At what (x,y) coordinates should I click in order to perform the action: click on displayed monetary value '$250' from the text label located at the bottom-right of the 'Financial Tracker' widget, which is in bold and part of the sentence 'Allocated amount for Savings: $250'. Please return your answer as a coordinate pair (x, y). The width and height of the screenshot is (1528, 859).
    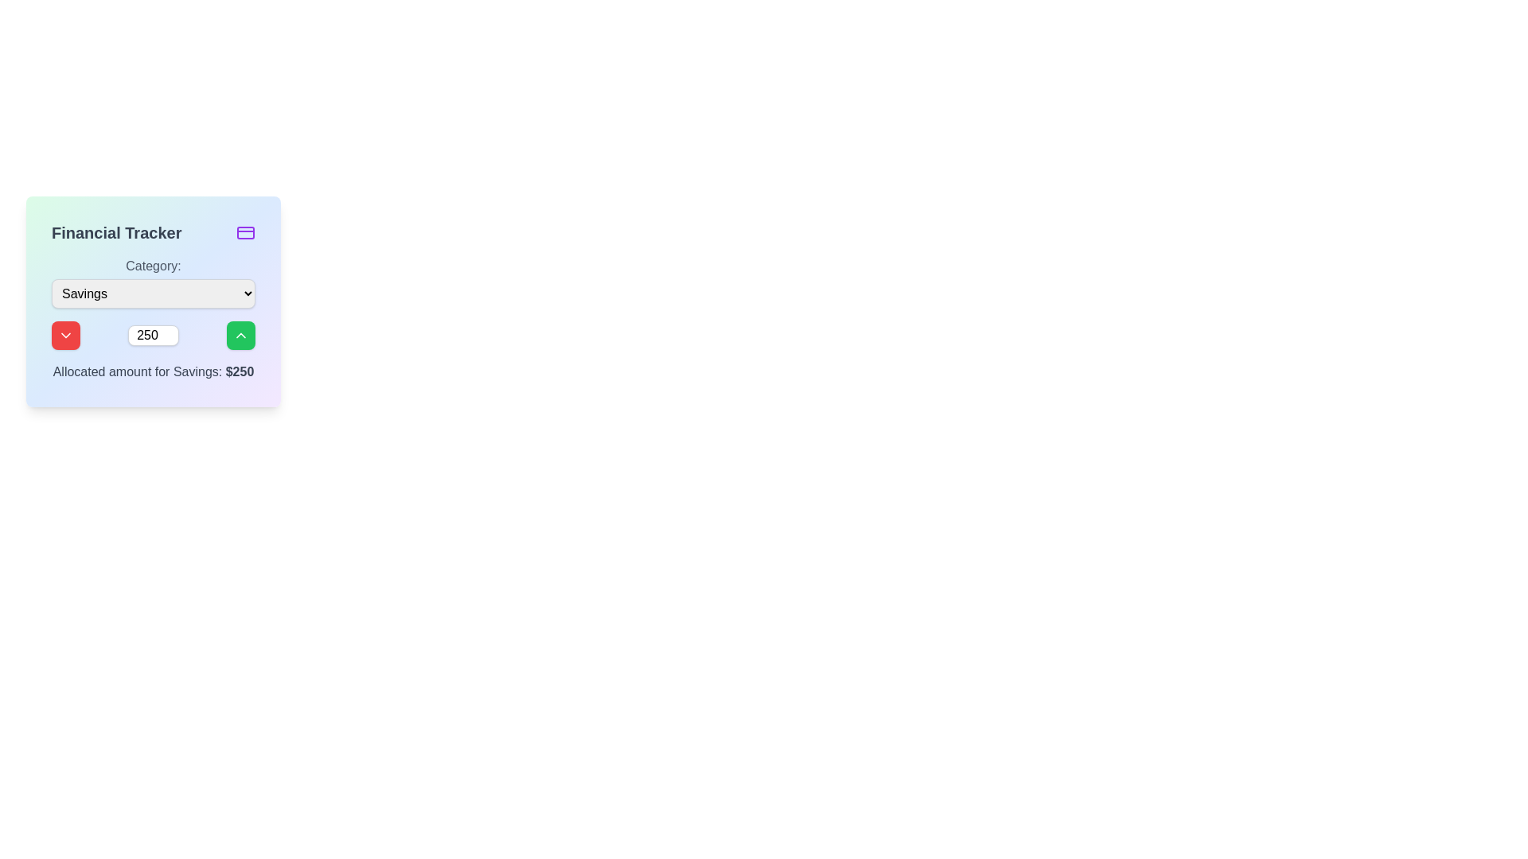
    Looking at the image, I should click on (239, 371).